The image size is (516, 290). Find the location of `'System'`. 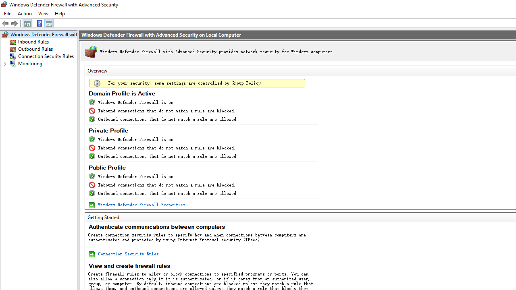

'System' is located at coordinates (4, 4).